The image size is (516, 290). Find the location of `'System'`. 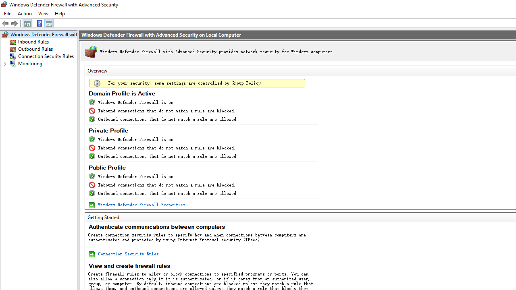

'System' is located at coordinates (4, 4).